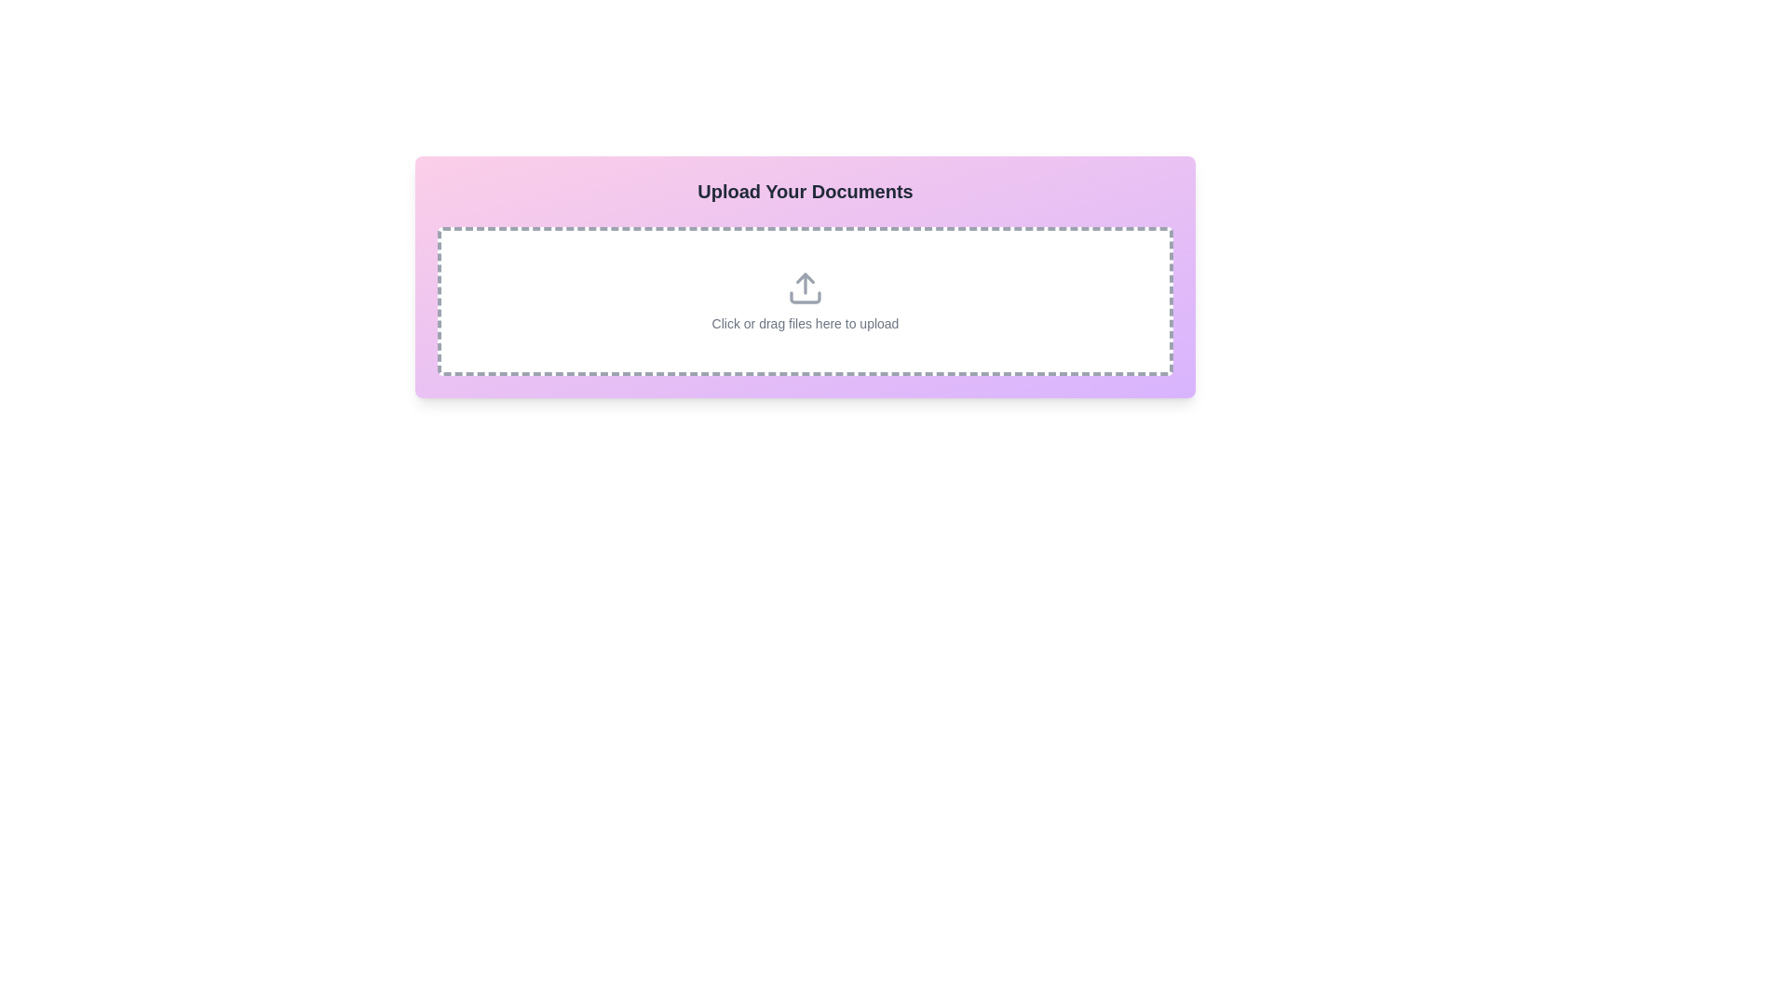 This screenshot has width=1788, height=1005. What do you see at coordinates (805, 276) in the screenshot?
I see `informational text in the File Upload Area, which includes 'Click or drag files here to upload'` at bounding box center [805, 276].